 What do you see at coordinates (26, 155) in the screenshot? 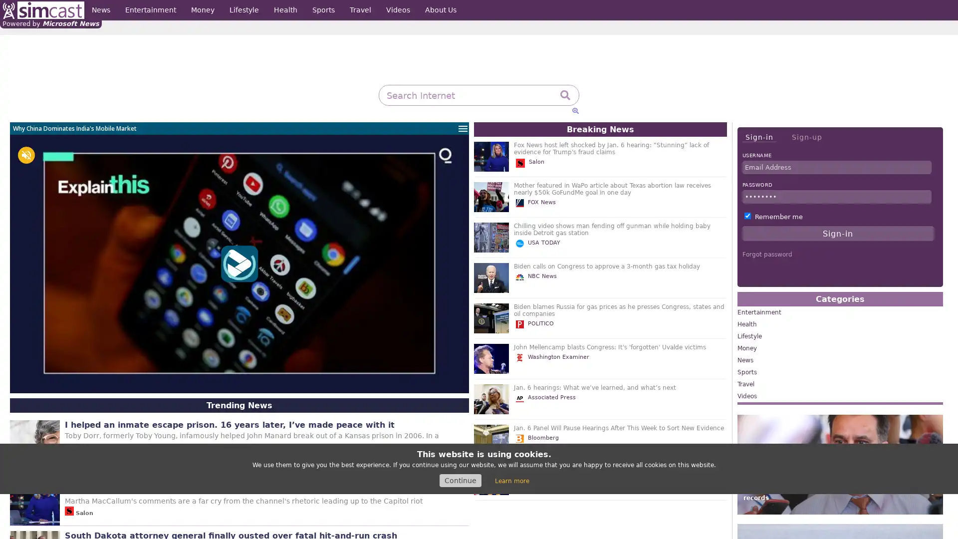
I see `volume_offvolume_up` at bounding box center [26, 155].